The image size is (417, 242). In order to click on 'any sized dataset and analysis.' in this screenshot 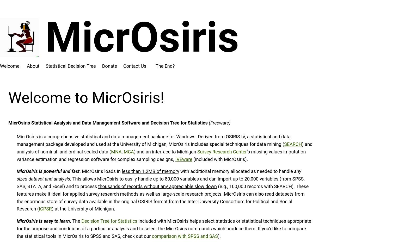, I will do `click(16, 175)`.